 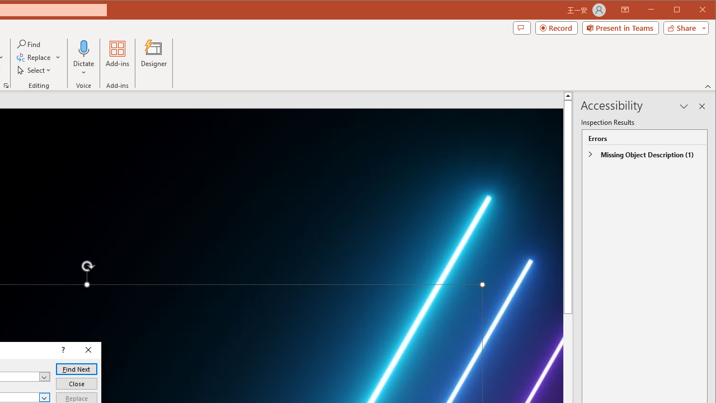 I want to click on 'Context help', so click(x=62, y=350).